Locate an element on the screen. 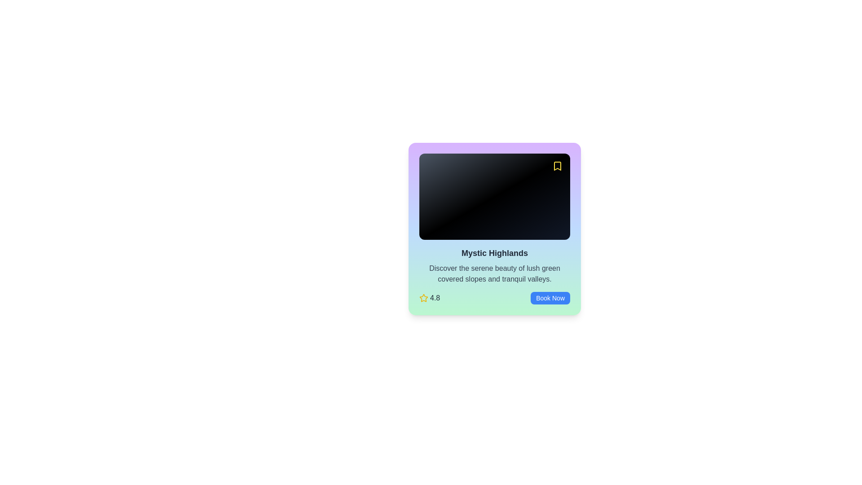 The image size is (862, 485). the rating visually by focusing on the grouped display consisting of a yellow outlined star icon and the numeric rating '4.8', located at the specified coordinates is located at coordinates (429, 298).